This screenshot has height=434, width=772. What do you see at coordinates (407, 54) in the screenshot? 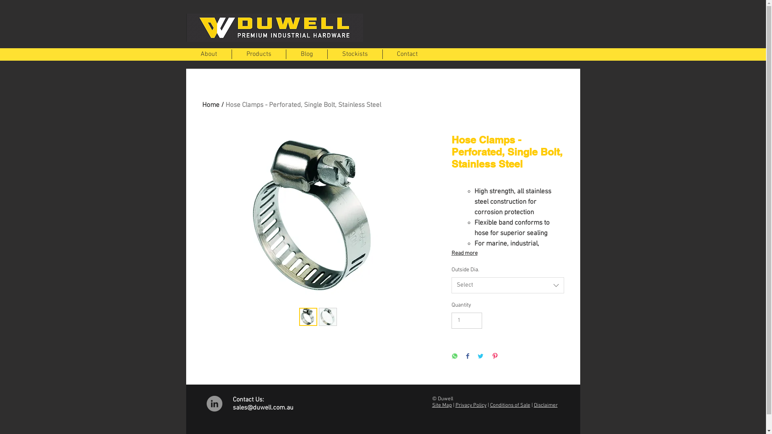
I see `'Contact'` at bounding box center [407, 54].